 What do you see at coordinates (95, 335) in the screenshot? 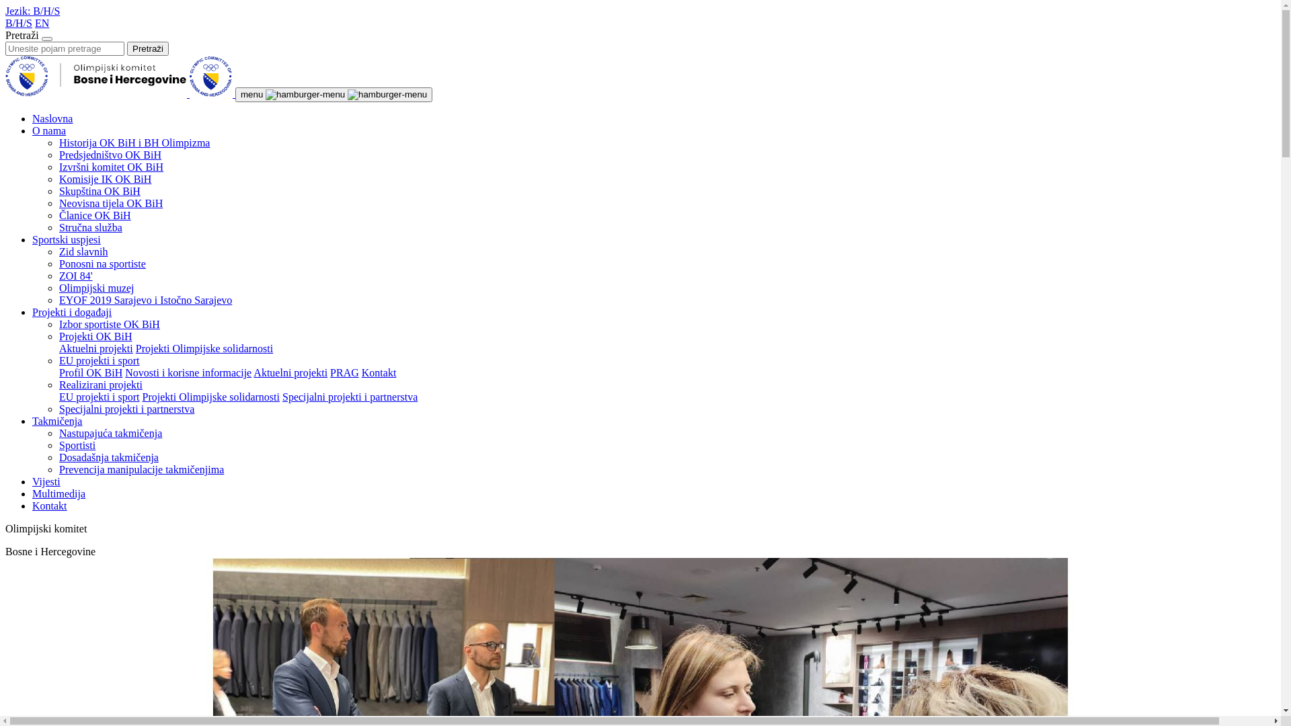
I see `'Projekti OK BiH'` at bounding box center [95, 335].